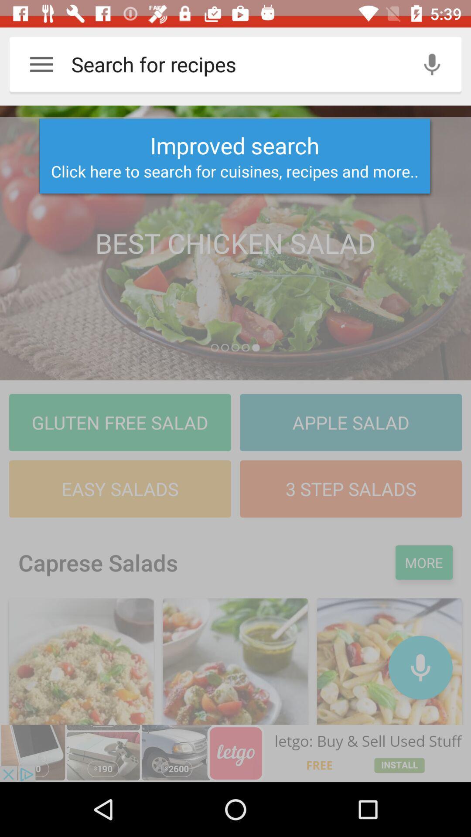 This screenshot has width=471, height=837. What do you see at coordinates (420, 667) in the screenshot?
I see `the microphone icon` at bounding box center [420, 667].